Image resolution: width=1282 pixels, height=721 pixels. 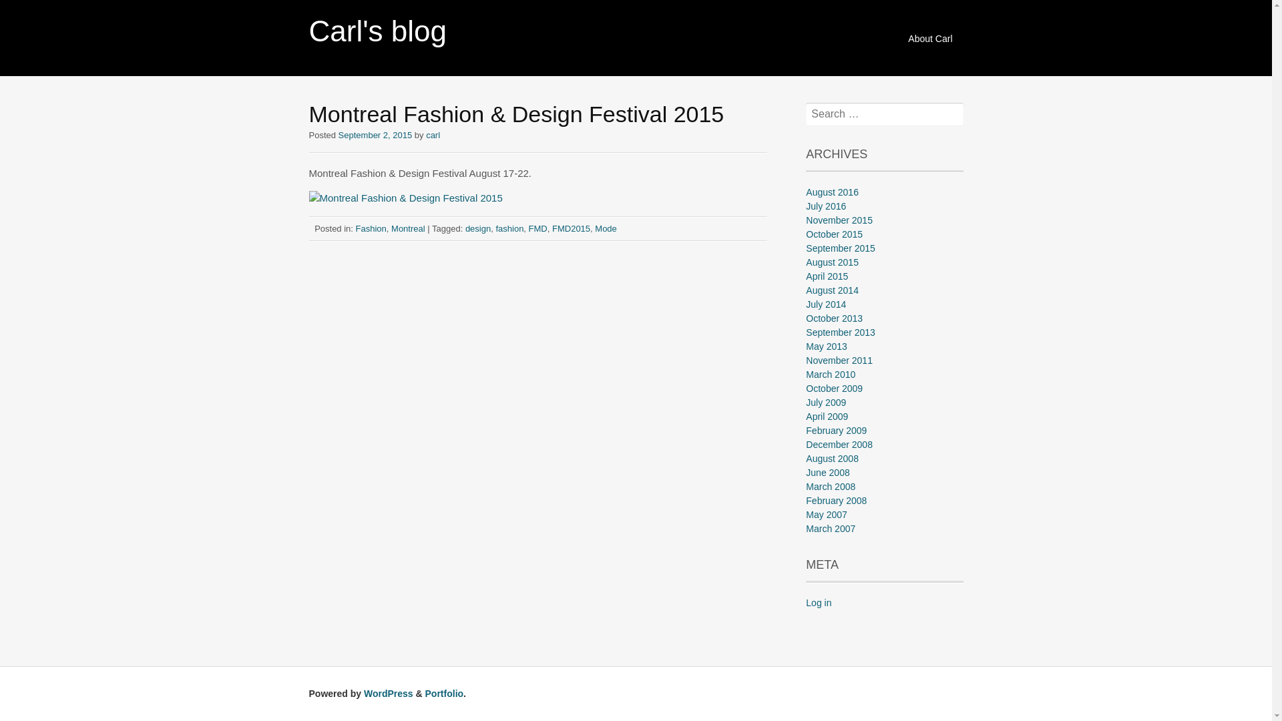 I want to click on 'February 2009', so click(x=835, y=430).